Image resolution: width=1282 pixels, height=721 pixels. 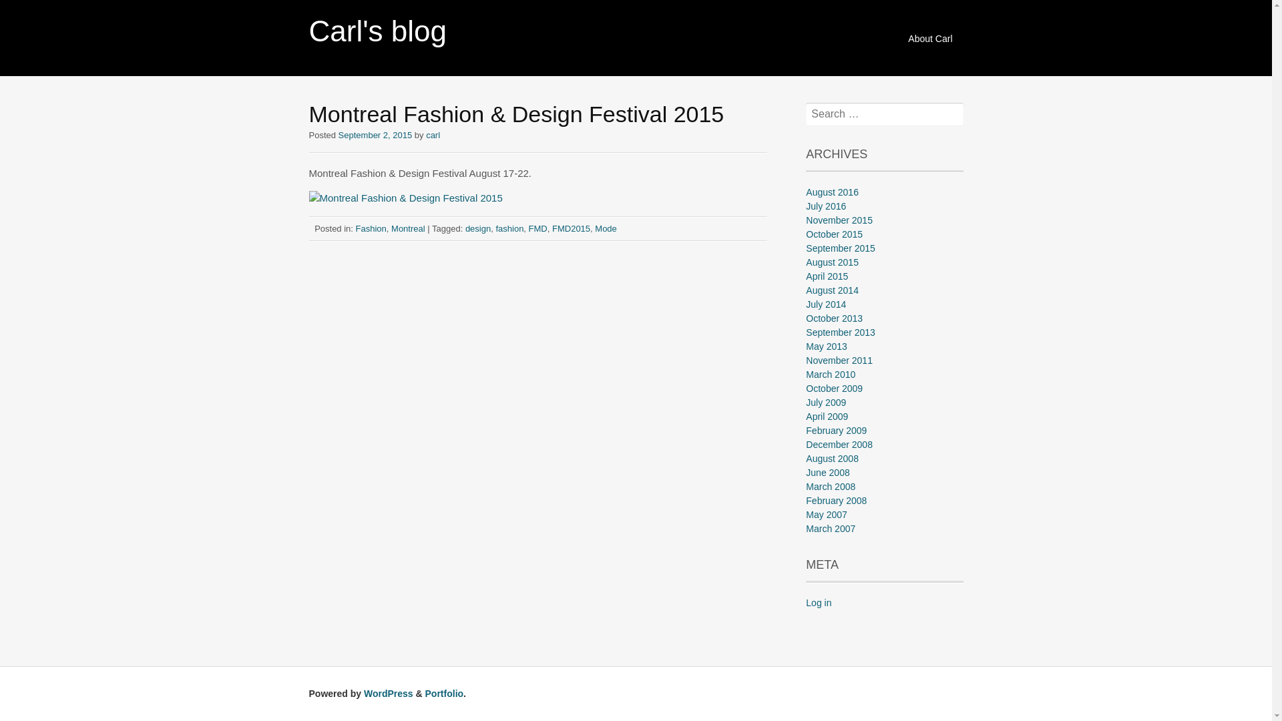 I want to click on 'February 2009', so click(x=835, y=430).